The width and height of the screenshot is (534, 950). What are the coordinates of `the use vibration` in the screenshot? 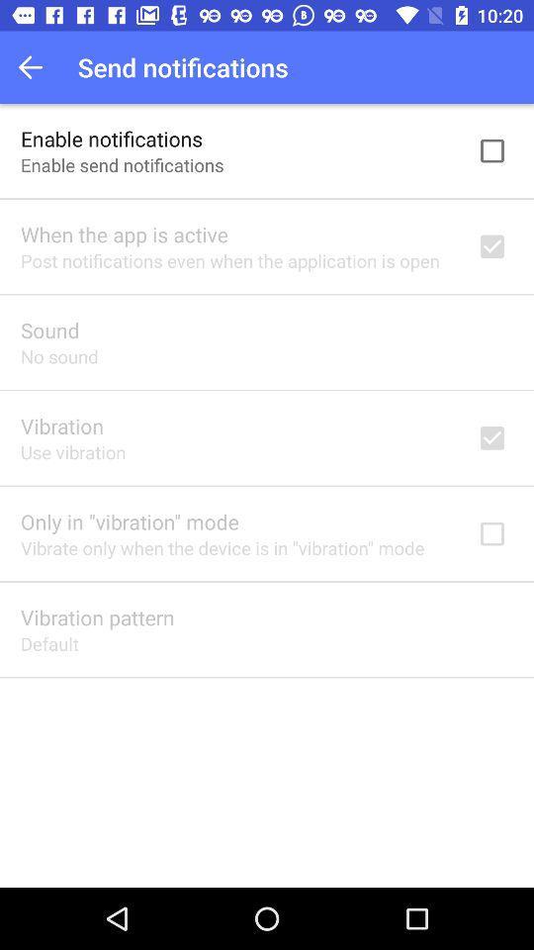 It's located at (72, 452).